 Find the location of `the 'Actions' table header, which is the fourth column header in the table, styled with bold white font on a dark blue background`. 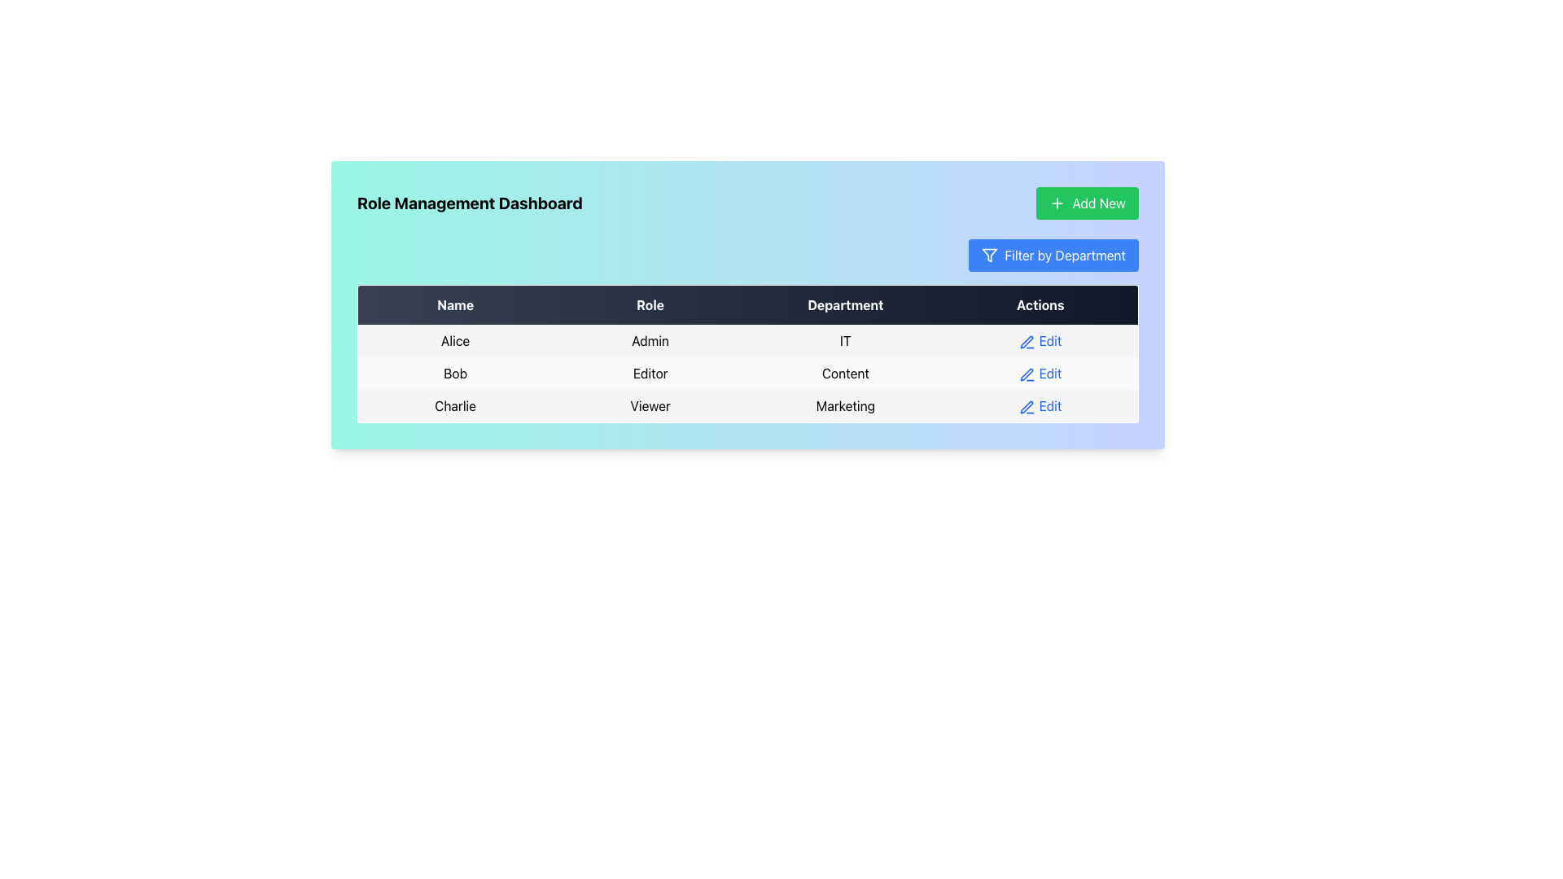

the 'Actions' table header, which is the fourth column header in the table, styled with bold white font on a dark blue background is located at coordinates (1040, 304).